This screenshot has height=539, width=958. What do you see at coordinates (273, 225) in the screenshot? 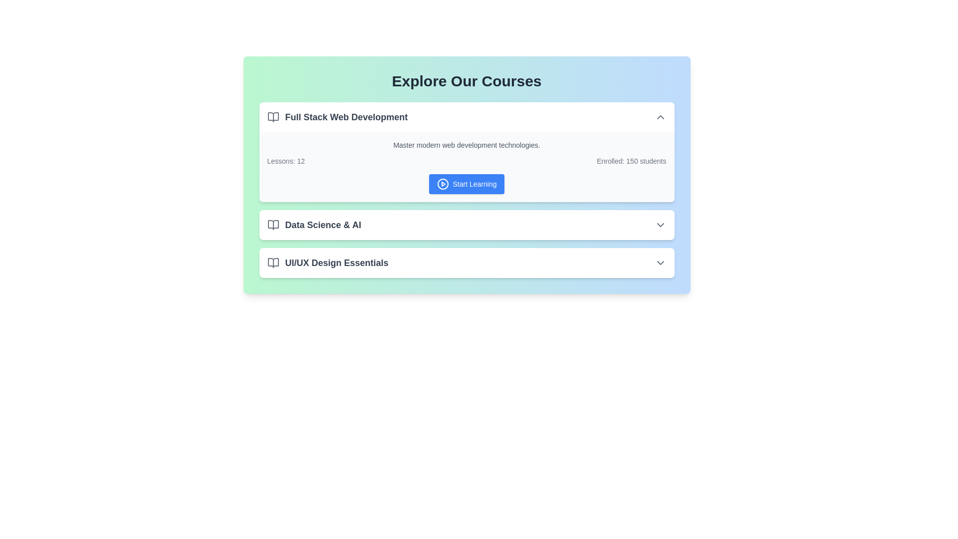
I see `the right segment of the book icon in the 'Data Science & AI' entry of the accordion-style UI layout` at bounding box center [273, 225].